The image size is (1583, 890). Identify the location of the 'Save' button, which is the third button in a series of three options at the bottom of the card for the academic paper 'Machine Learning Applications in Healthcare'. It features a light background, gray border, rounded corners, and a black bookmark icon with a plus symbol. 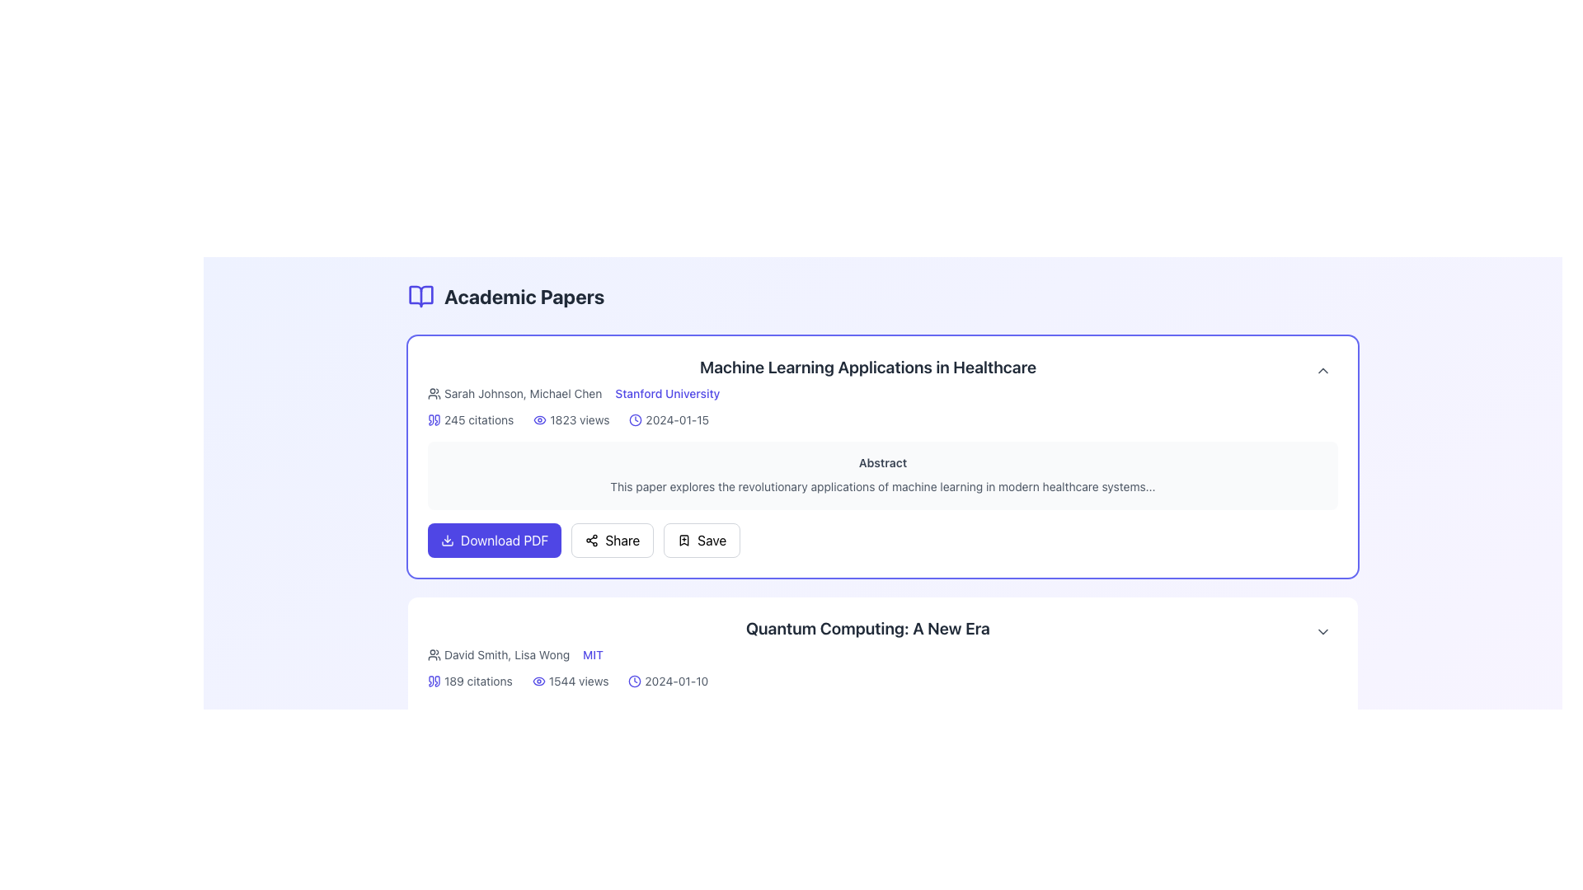
(702, 540).